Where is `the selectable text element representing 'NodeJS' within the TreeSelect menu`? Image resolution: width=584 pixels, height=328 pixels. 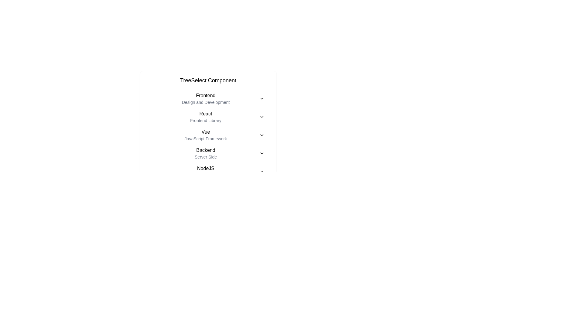 the selectable text element representing 'NodeJS' within the TreeSelect menu is located at coordinates (206, 171).